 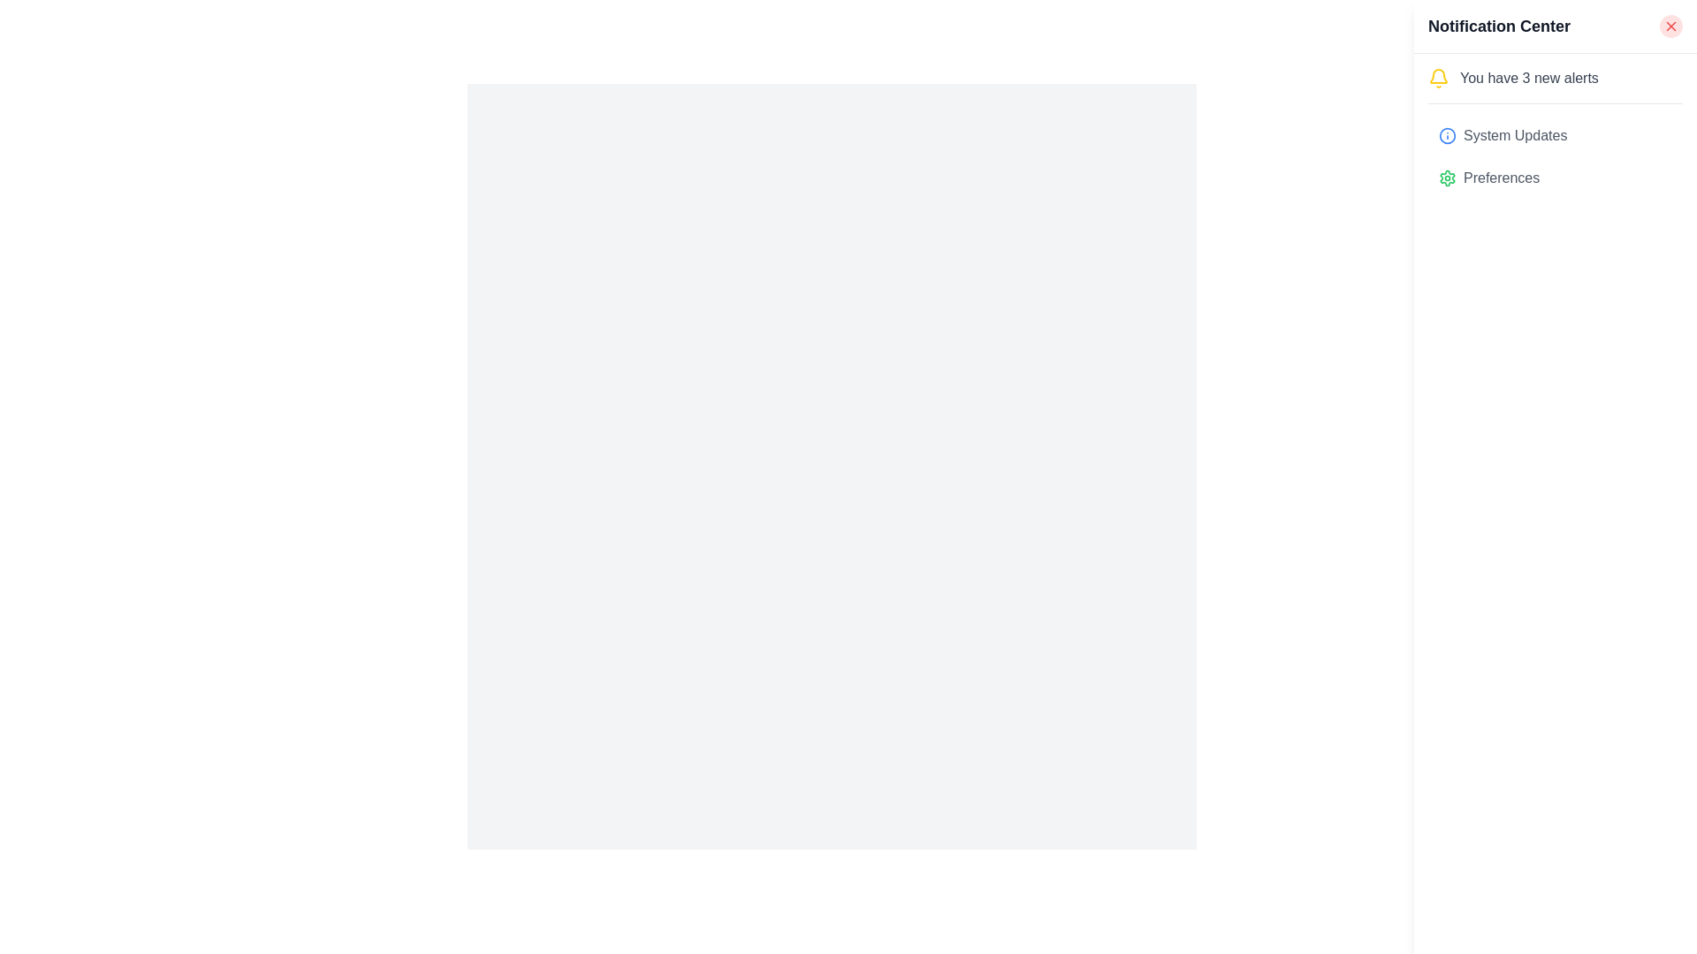 What do you see at coordinates (1438, 77) in the screenshot?
I see `the yellow bell-shaped icon representing notifications or alerts, located on the far left side of the section labeled 'You have 3 new alerts'` at bounding box center [1438, 77].